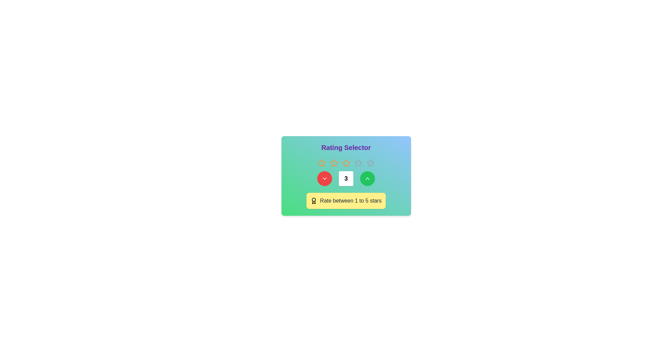 The height and width of the screenshot is (364, 648). I want to click on the upward-pointing chevron icon inside the green circular button, so click(367, 178).